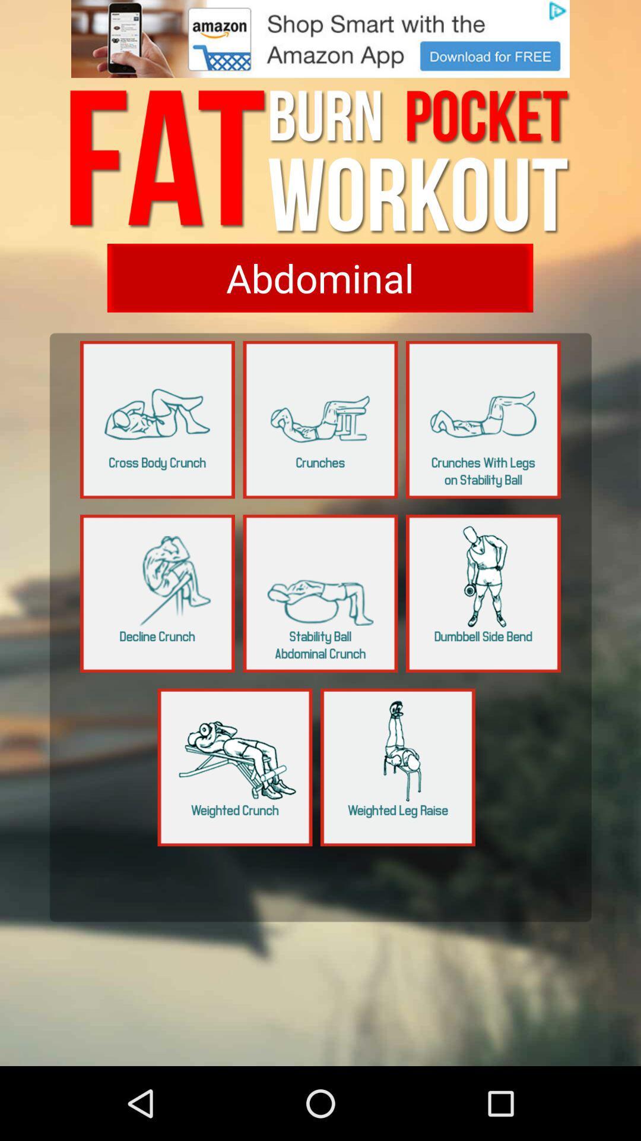 Image resolution: width=641 pixels, height=1141 pixels. What do you see at coordinates (157, 593) in the screenshot?
I see `it show someworkout` at bounding box center [157, 593].